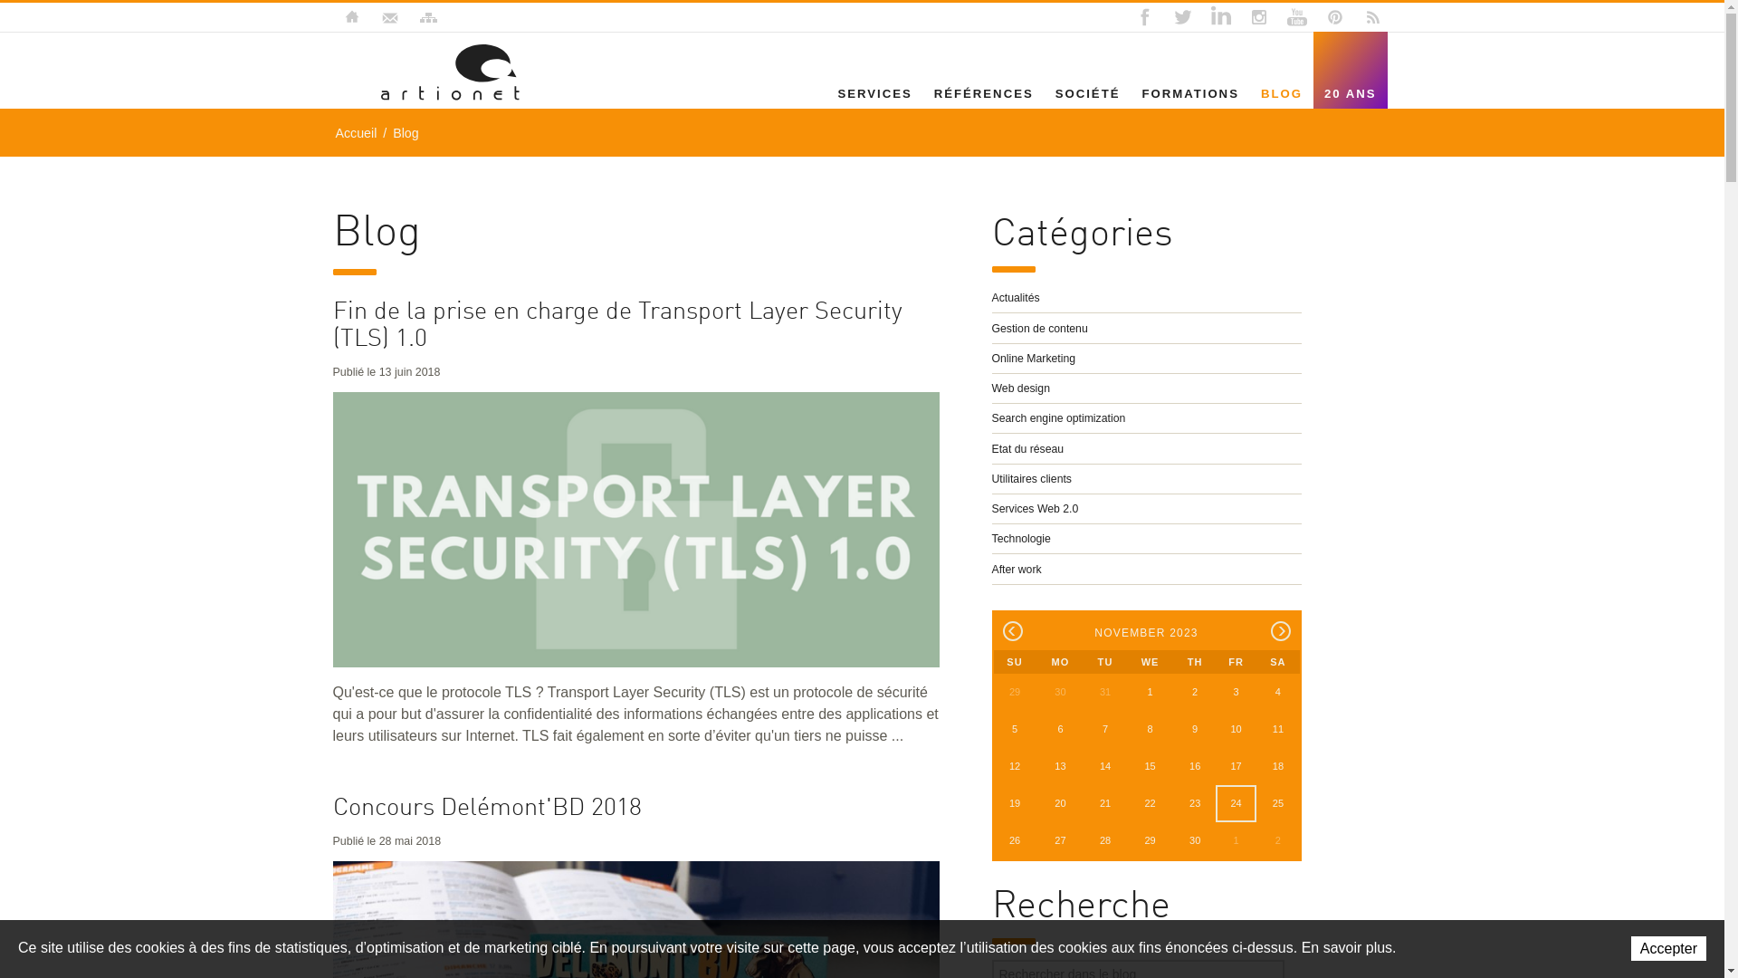 This screenshot has width=1738, height=978. Describe the element at coordinates (1281, 17) in the screenshot. I see `'YouTube'` at that location.